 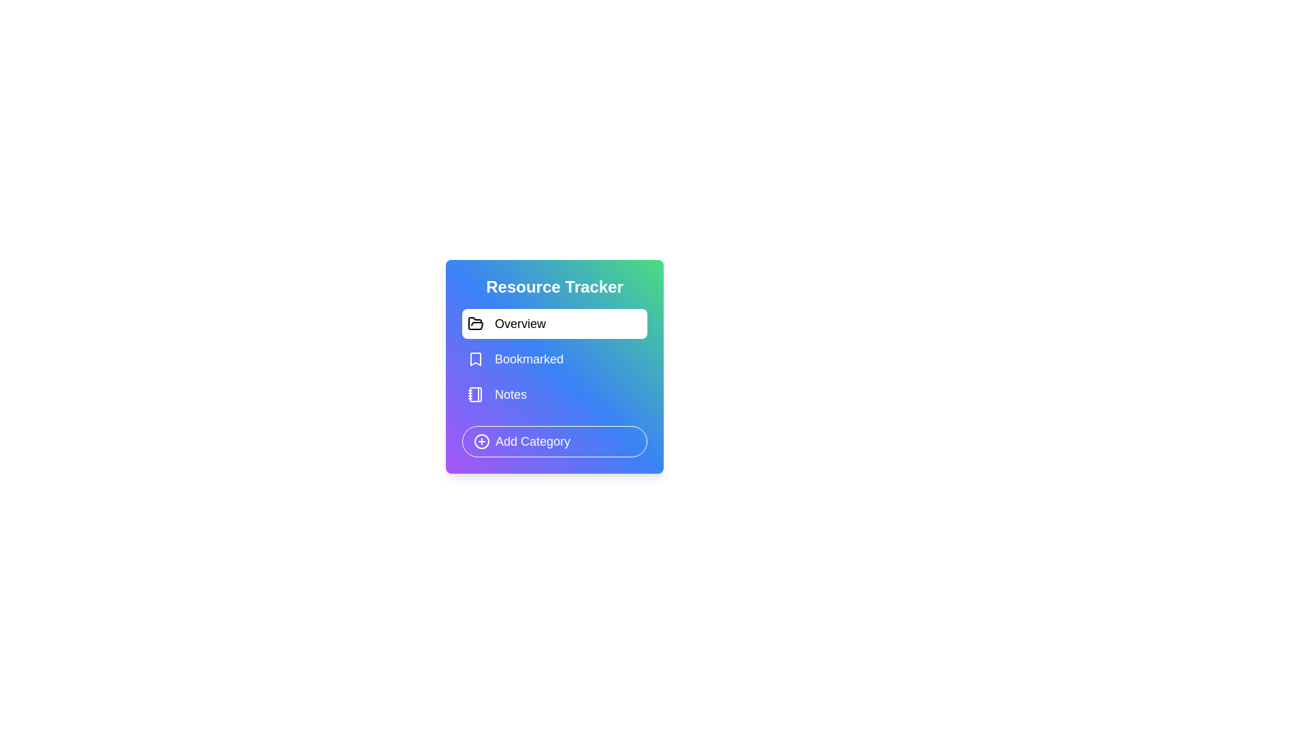 What do you see at coordinates (555, 359) in the screenshot?
I see `the category Bookmarked to see the hover effect` at bounding box center [555, 359].